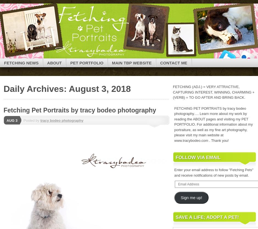 The height and width of the screenshot is (229, 258). I want to click on 'Pet Portfolio', so click(87, 63).